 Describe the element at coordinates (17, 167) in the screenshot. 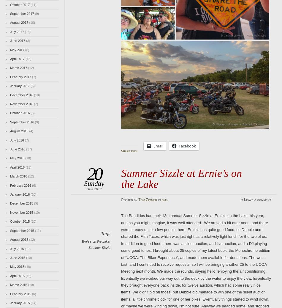

I see `'April 2016'` at that location.